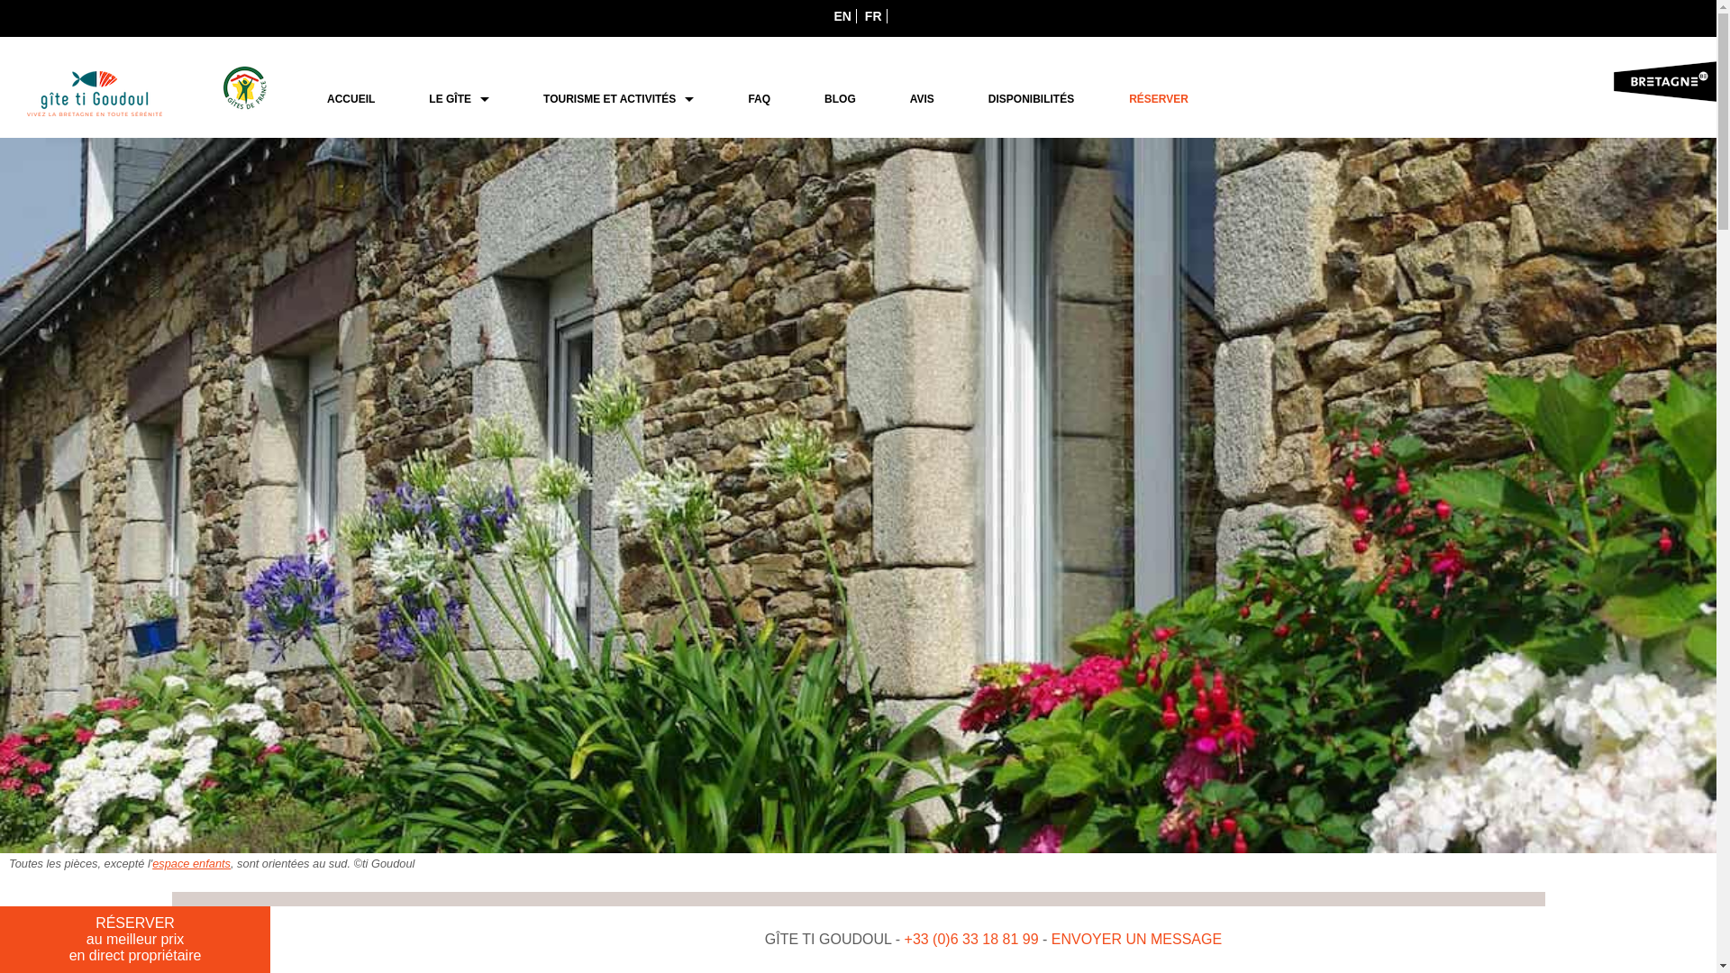 The image size is (1730, 973). What do you see at coordinates (191, 862) in the screenshot?
I see `'espace enfants'` at bounding box center [191, 862].